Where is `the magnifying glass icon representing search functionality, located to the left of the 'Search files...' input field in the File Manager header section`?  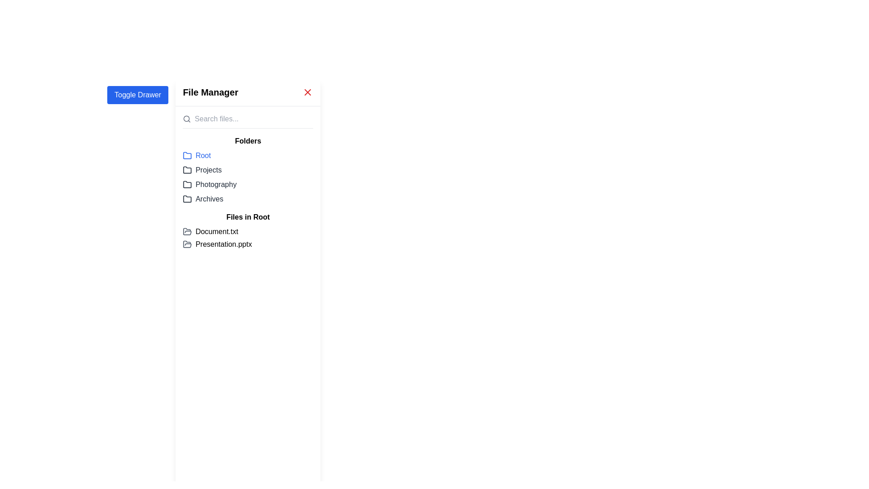 the magnifying glass icon representing search functionality, located to the left of the 'Search files...' input field in the File Manager header section is located at coordinates (186, 118).